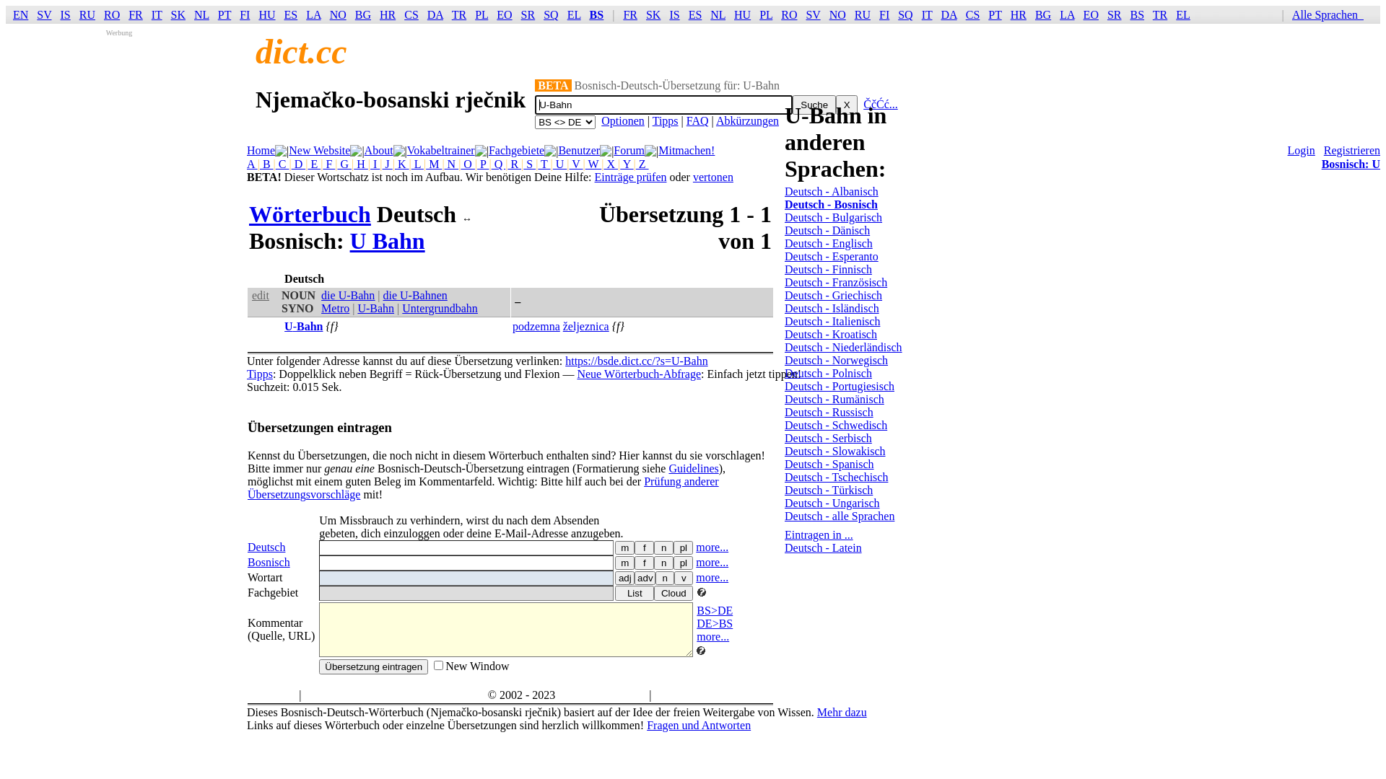 This screenshot has height=779, width=1386. What do you see at coordinates (347, 294) in the screenshot?
I see `'die U-Bahn'` at bounding box center [347, 294].